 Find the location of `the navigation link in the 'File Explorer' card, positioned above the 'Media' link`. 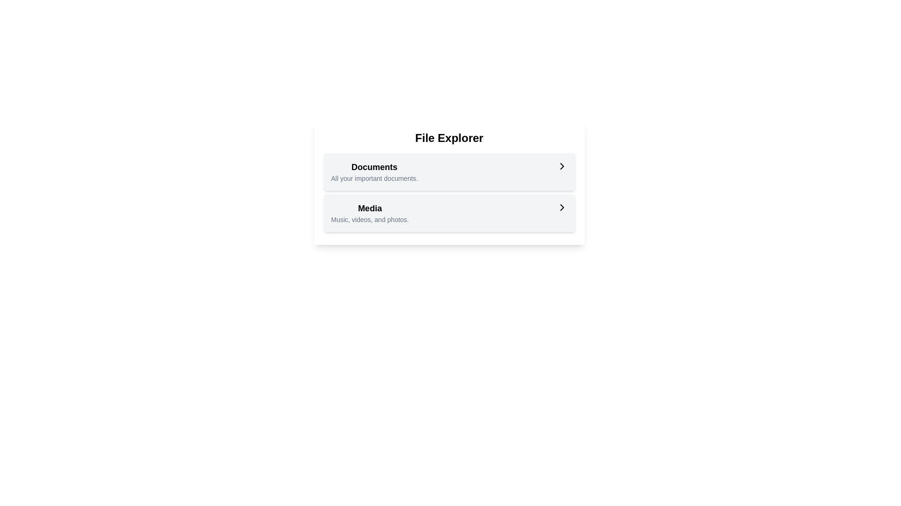

the navigation link in the 'File Explorer' card, positioned above the 'Media' link is located at coordinates (449, 171).